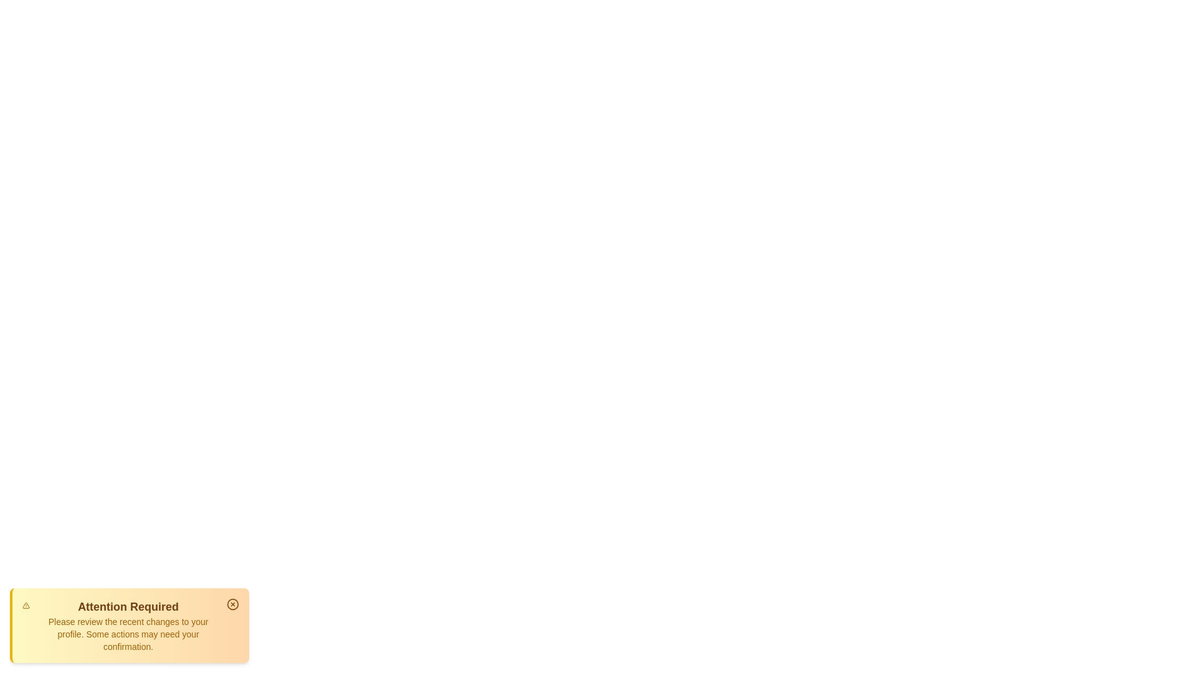 The image size is (1196, 673). What do you see at coordinates (233, 603) in the screenshot?
I see `the close button of the alert to dismiss it` at bounding box center [233, 603].